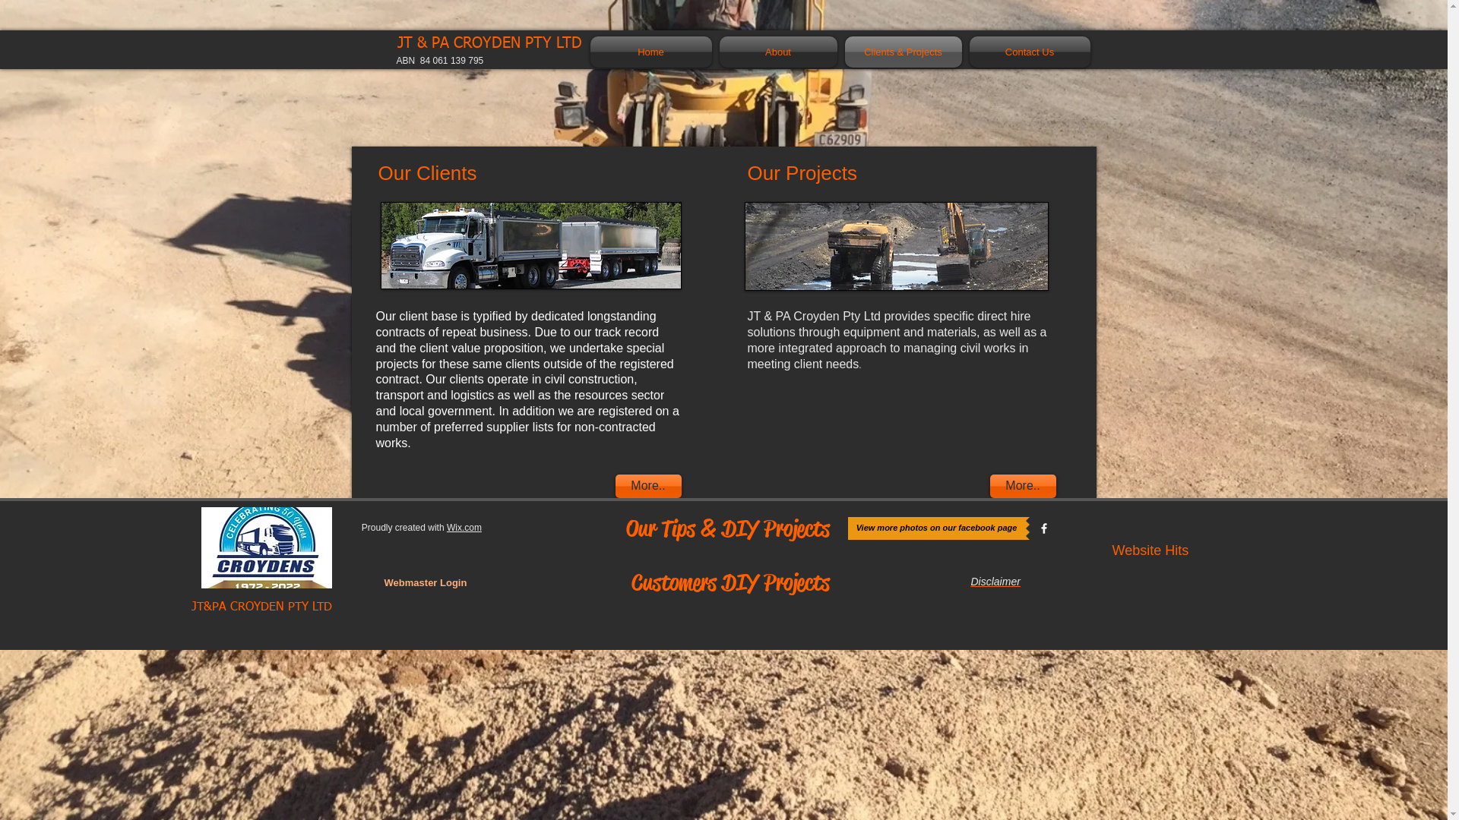 This screenshot has height=820, width=1459. I want to click on 'Clients & Projects', so click(839, 51).